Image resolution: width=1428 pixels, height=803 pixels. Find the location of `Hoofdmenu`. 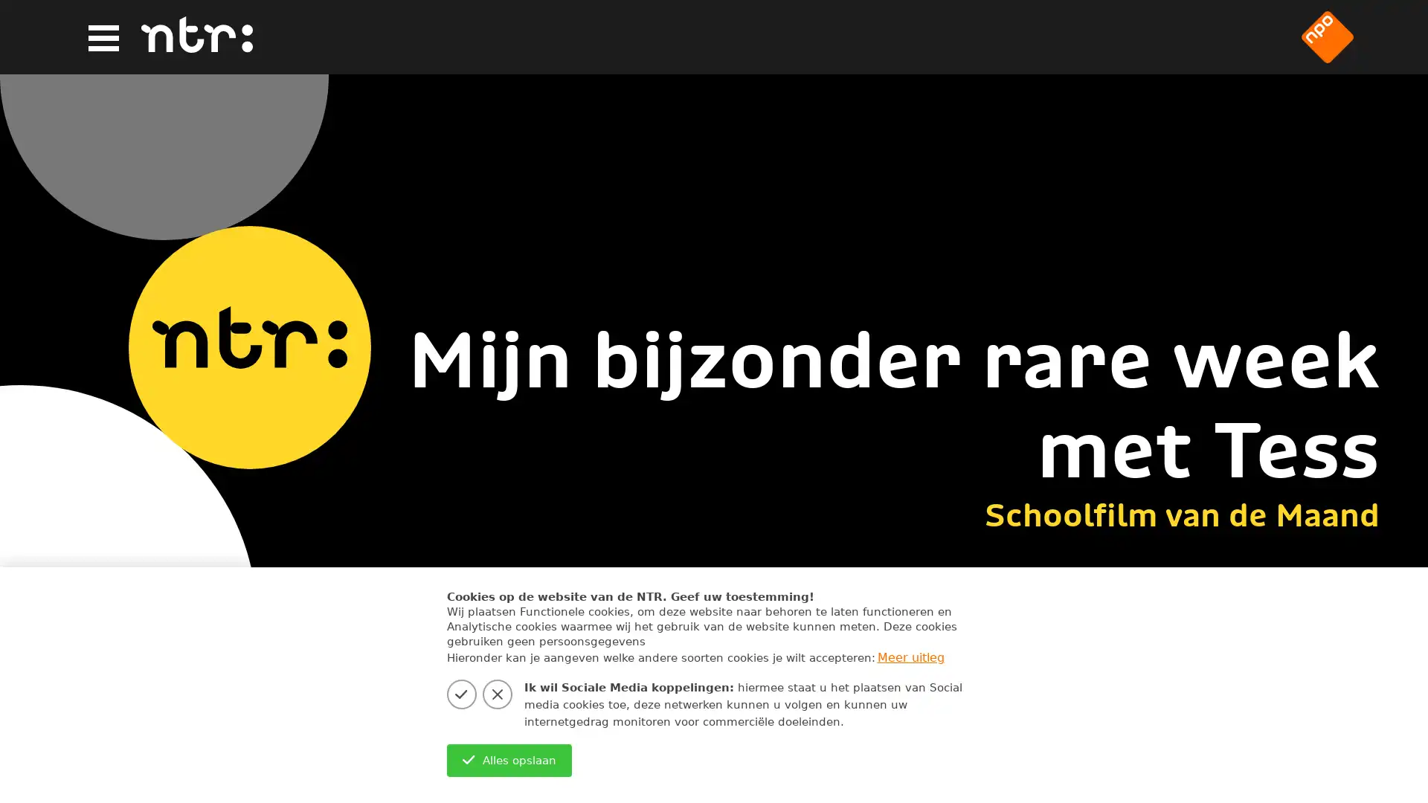

Hoofdmenu is located at coordinates (101, 37).